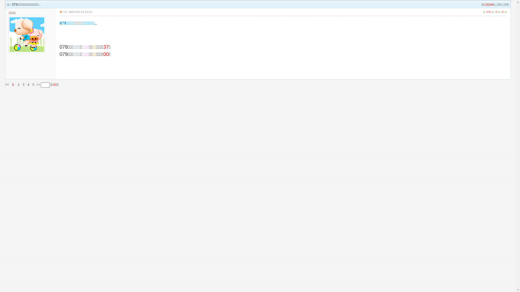 The image size is (520, 292). Describe the element at coordinates (33, 84) in the screenshot. I see `'5'` at that location.